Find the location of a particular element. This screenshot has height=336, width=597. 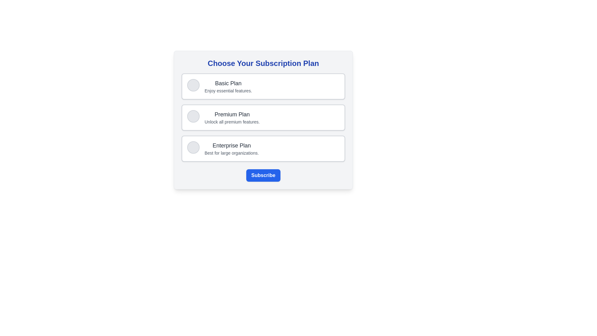

the 'Confirm Subscription' button located below the subscription plans in the 'Choose Your Subscription Plan' section is located at coordinates (263, 175).